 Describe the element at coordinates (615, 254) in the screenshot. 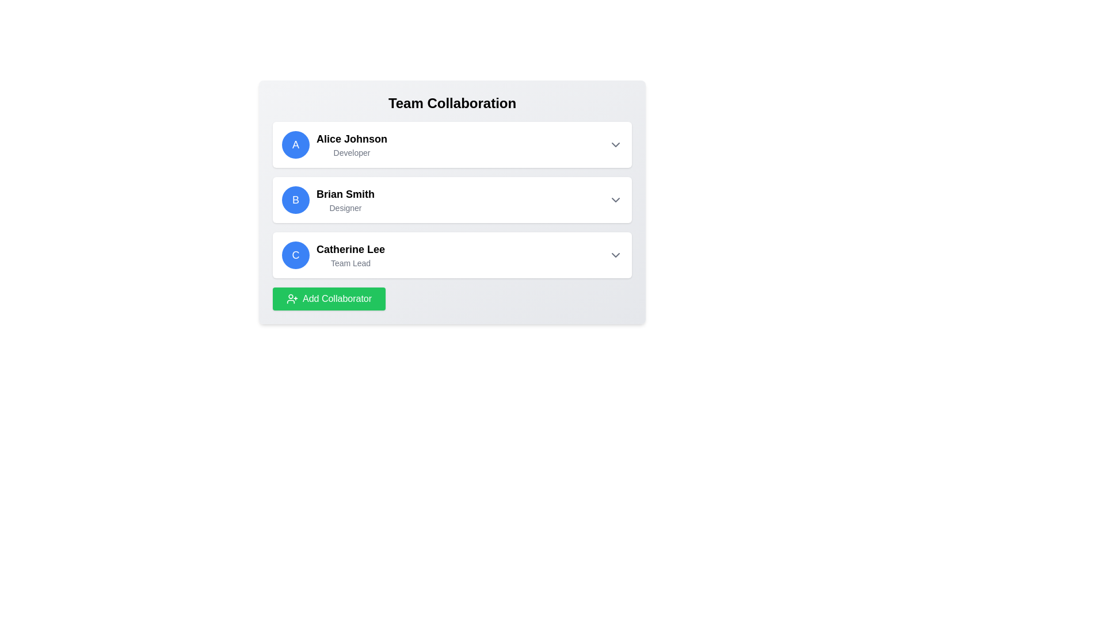

I see `the downward-chevron icon styled in gray, located next to the text 'Catherine Lee Team Lead'` at that location.